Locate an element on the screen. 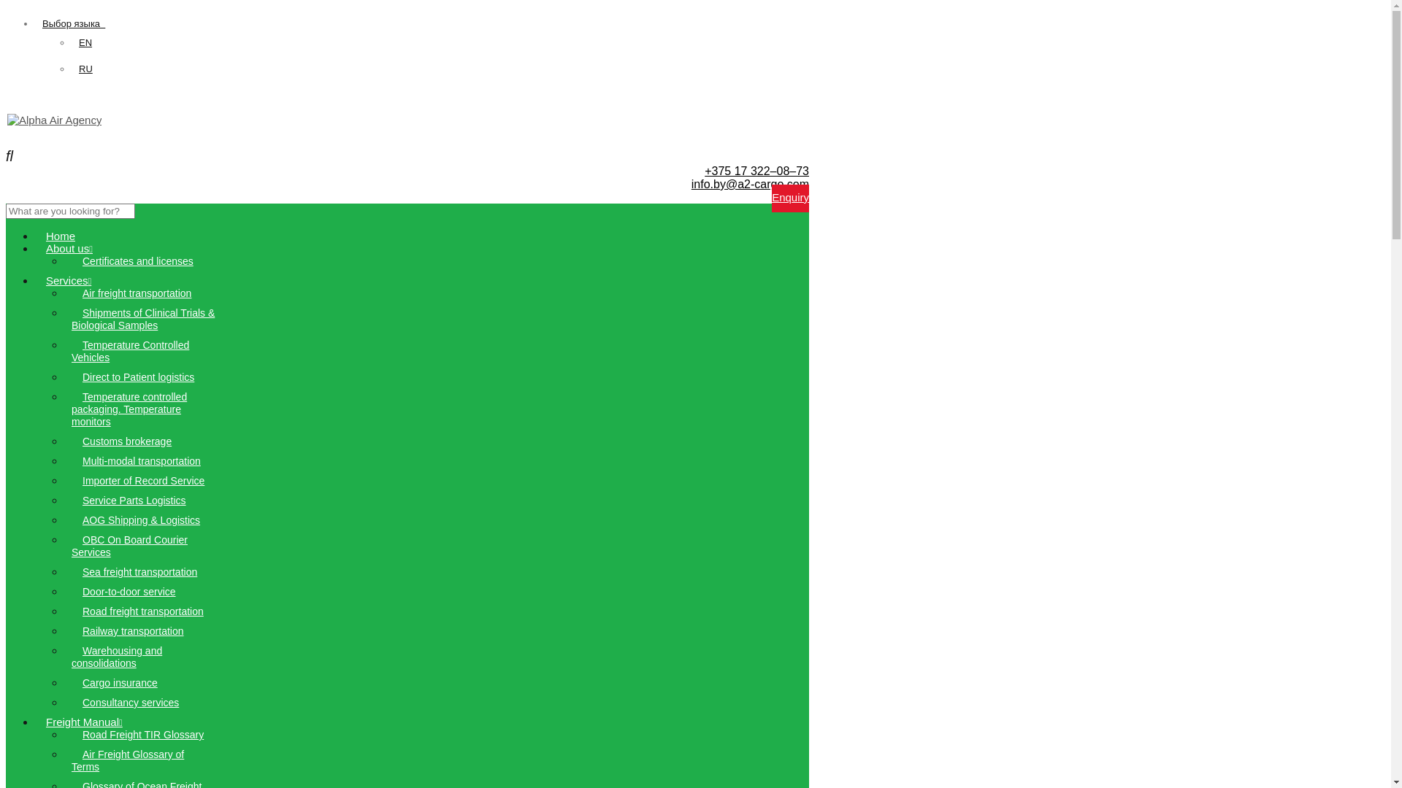 This screenshot has width=1402, height=788. 'RU' is located at coordinates (78, 69).